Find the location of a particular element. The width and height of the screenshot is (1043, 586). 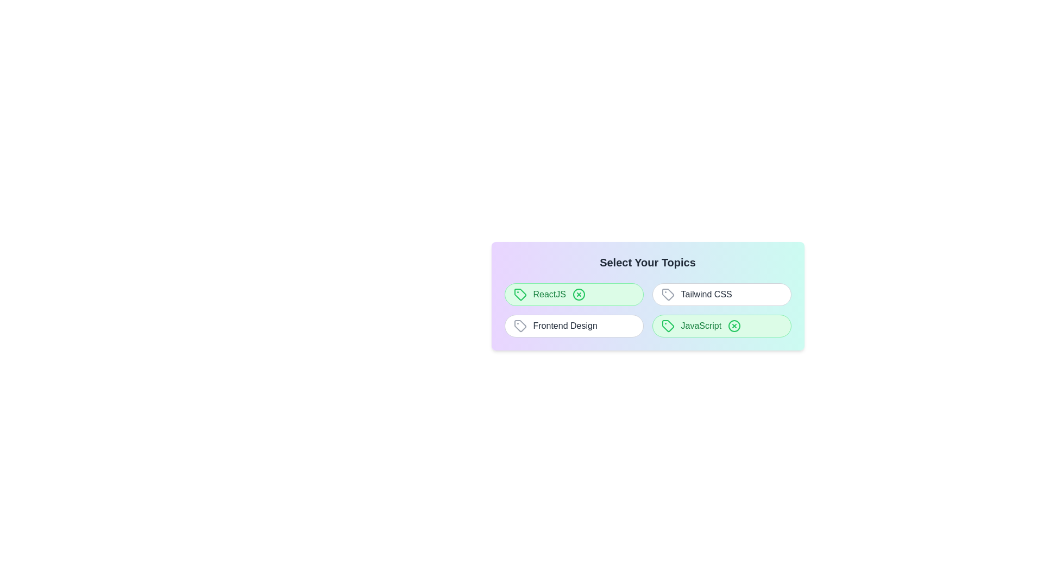

the topic JavaScript is located at coordinates (721, 326).